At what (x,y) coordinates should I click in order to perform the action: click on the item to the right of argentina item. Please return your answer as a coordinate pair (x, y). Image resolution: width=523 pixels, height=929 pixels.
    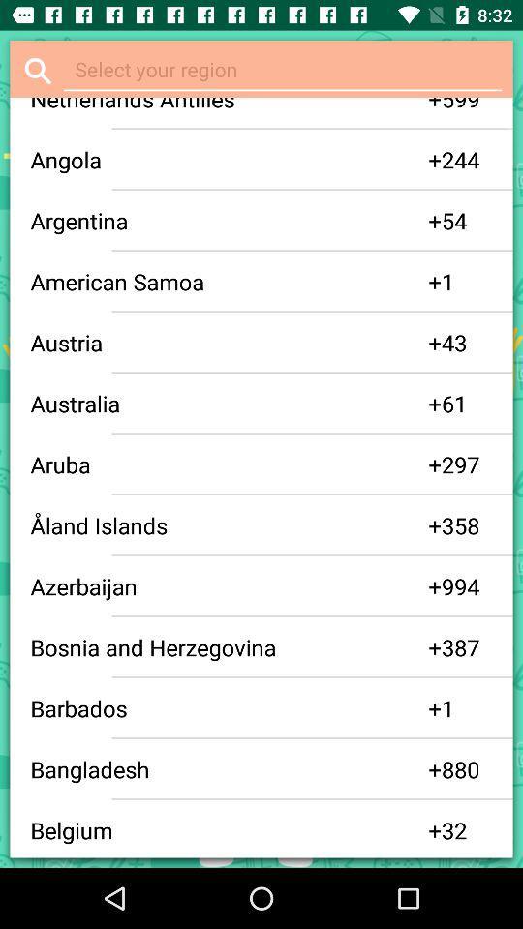
    Looking at the image, I should click on (435, 221).